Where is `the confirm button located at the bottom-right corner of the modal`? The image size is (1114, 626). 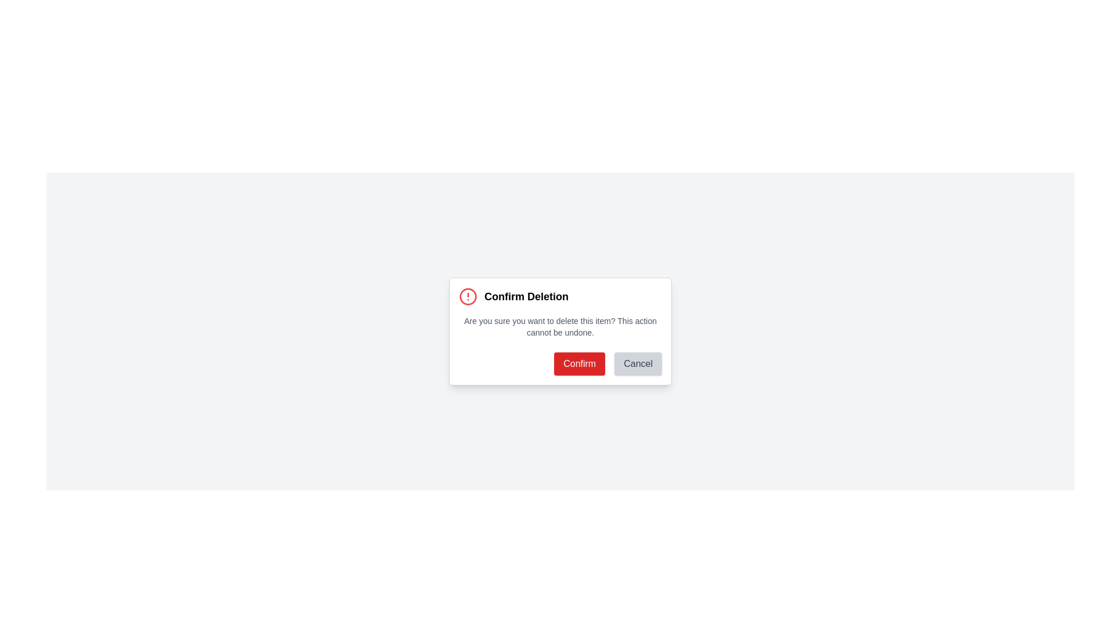
the confirm button located at the bottom-right corner of the modal is located at coordinates (560, 363).